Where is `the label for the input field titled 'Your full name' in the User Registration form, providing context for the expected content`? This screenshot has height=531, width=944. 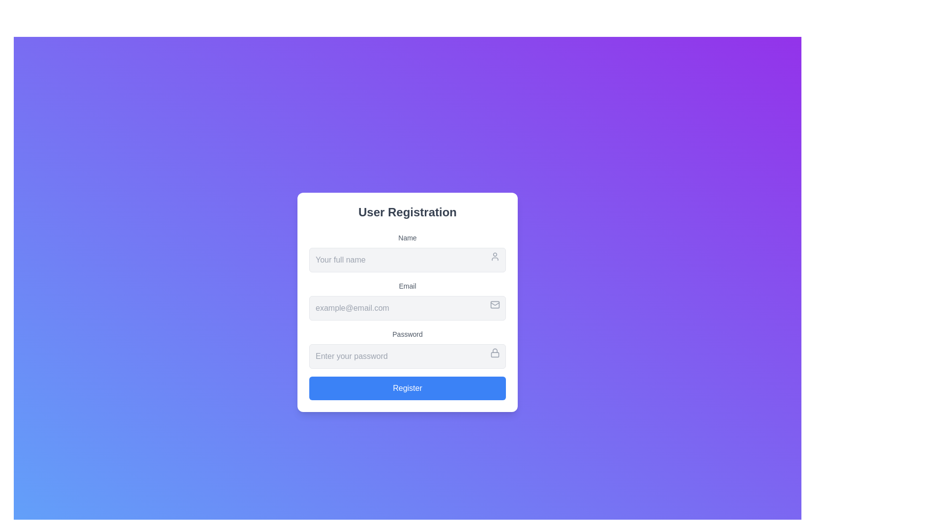
the label for the input field titled 'Your full name' in the User Registration form, providing context for the expected content is located at coordinates (408, 237).